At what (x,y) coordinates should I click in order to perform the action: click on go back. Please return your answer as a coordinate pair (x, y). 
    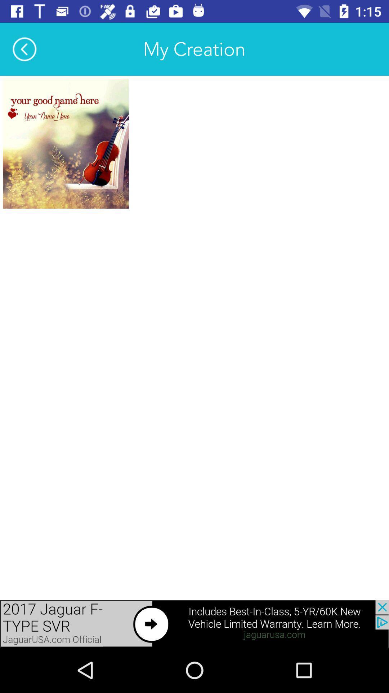
    Looking at the image, I should click on (24, 49).